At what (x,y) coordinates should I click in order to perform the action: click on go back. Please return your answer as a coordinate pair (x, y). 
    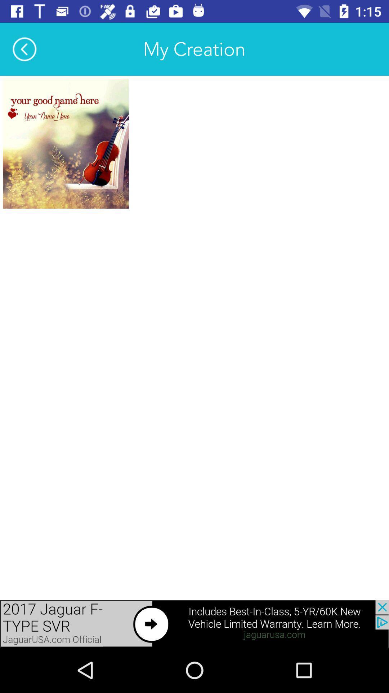
    Looking at the image, I should click on (24, 49).